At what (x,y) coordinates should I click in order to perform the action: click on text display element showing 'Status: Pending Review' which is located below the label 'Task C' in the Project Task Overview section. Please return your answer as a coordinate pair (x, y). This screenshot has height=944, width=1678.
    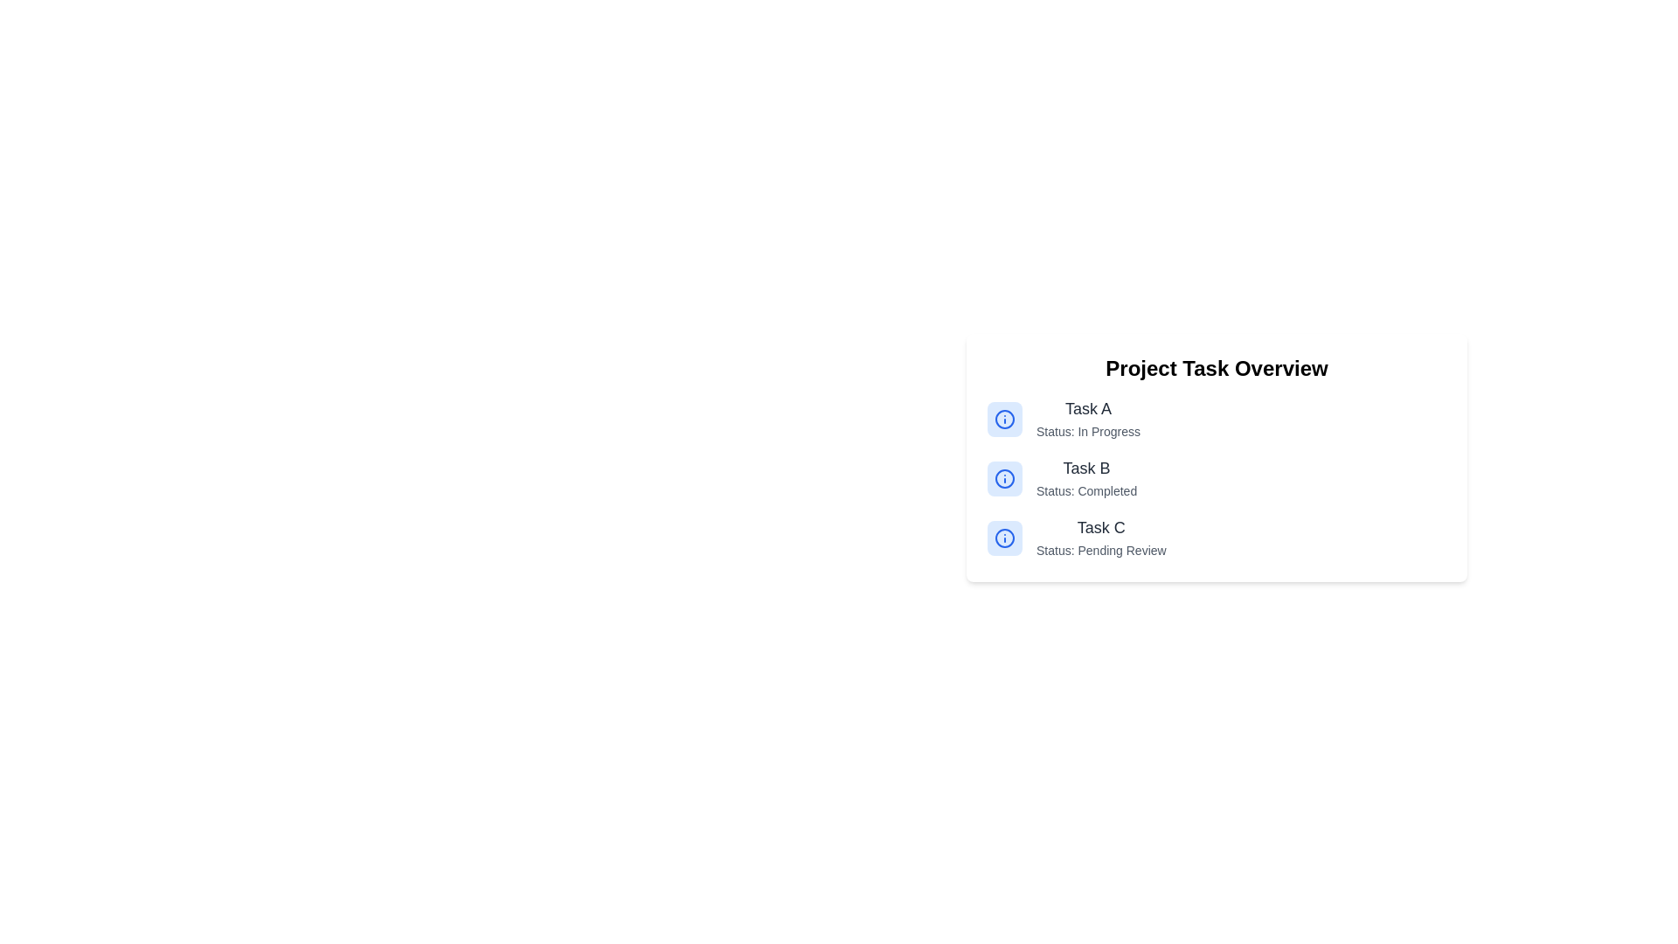
    Looking at the image, I should click on (1100, 549).